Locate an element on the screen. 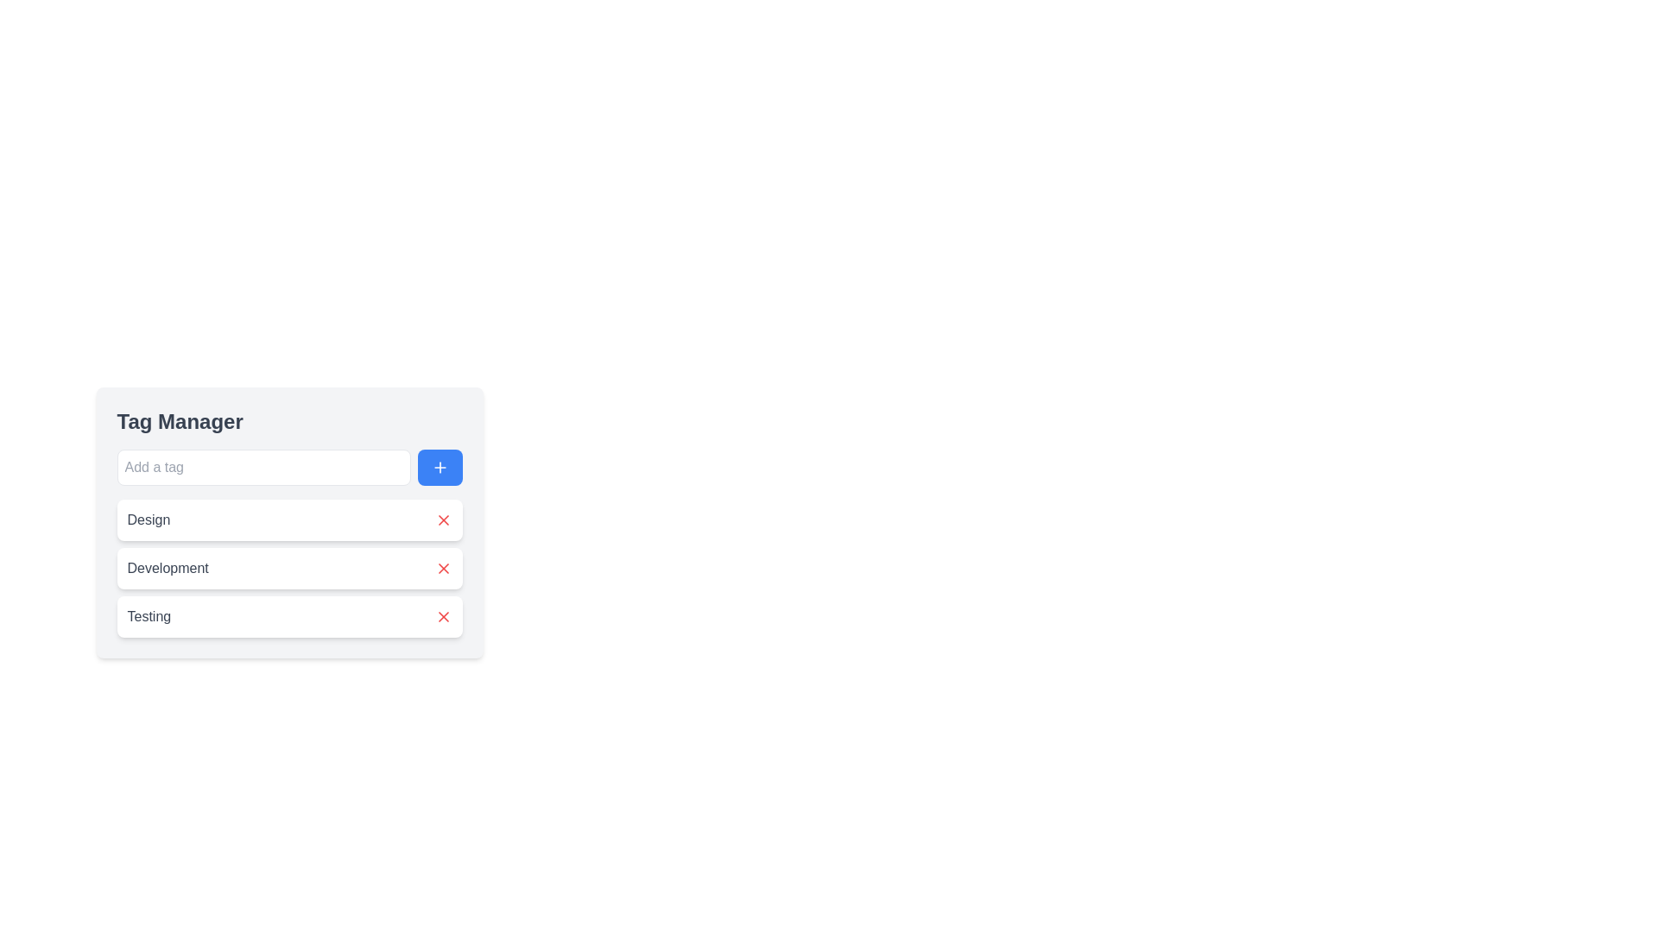 This screenshot has height=932, width=1658. the button to add a new entry to the list of tags, located to the right of the input field labeled 'Add a tag' in the 'Tag Manager' section is located at coordinates (440, 468).